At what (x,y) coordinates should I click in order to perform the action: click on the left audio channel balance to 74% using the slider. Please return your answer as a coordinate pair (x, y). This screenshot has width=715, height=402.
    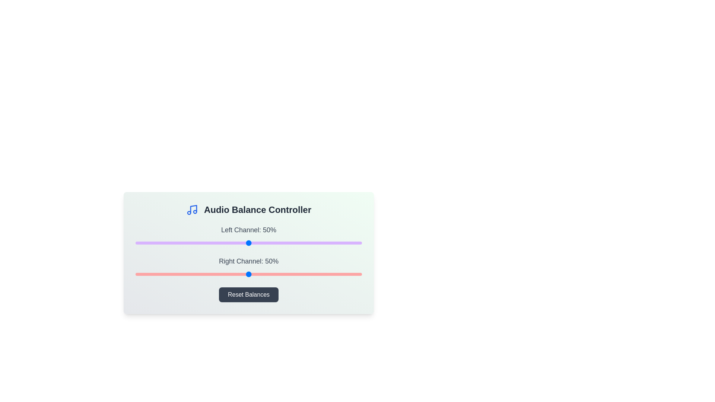
    Looking at the image, I should click on (303, 243).